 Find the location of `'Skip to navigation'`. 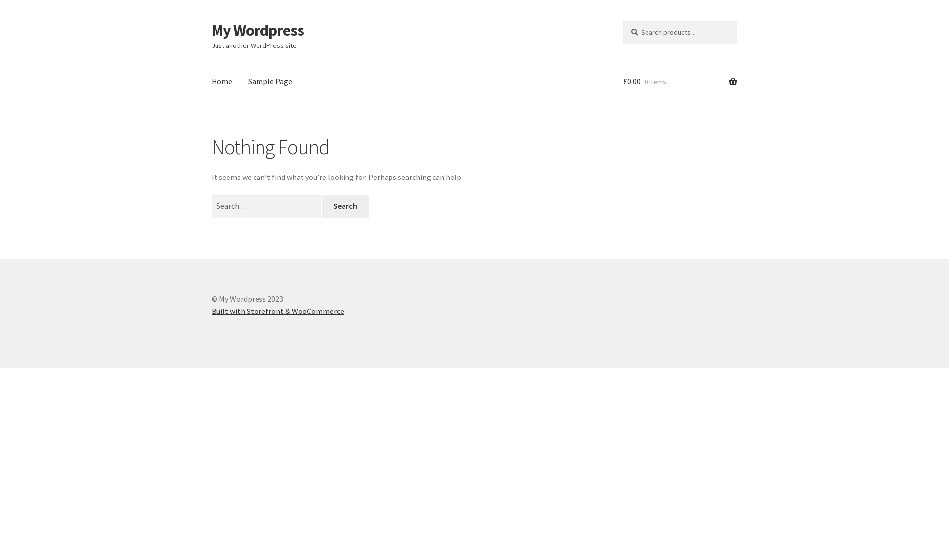

'Skip to navigation' is located at coordinates (211, 20).